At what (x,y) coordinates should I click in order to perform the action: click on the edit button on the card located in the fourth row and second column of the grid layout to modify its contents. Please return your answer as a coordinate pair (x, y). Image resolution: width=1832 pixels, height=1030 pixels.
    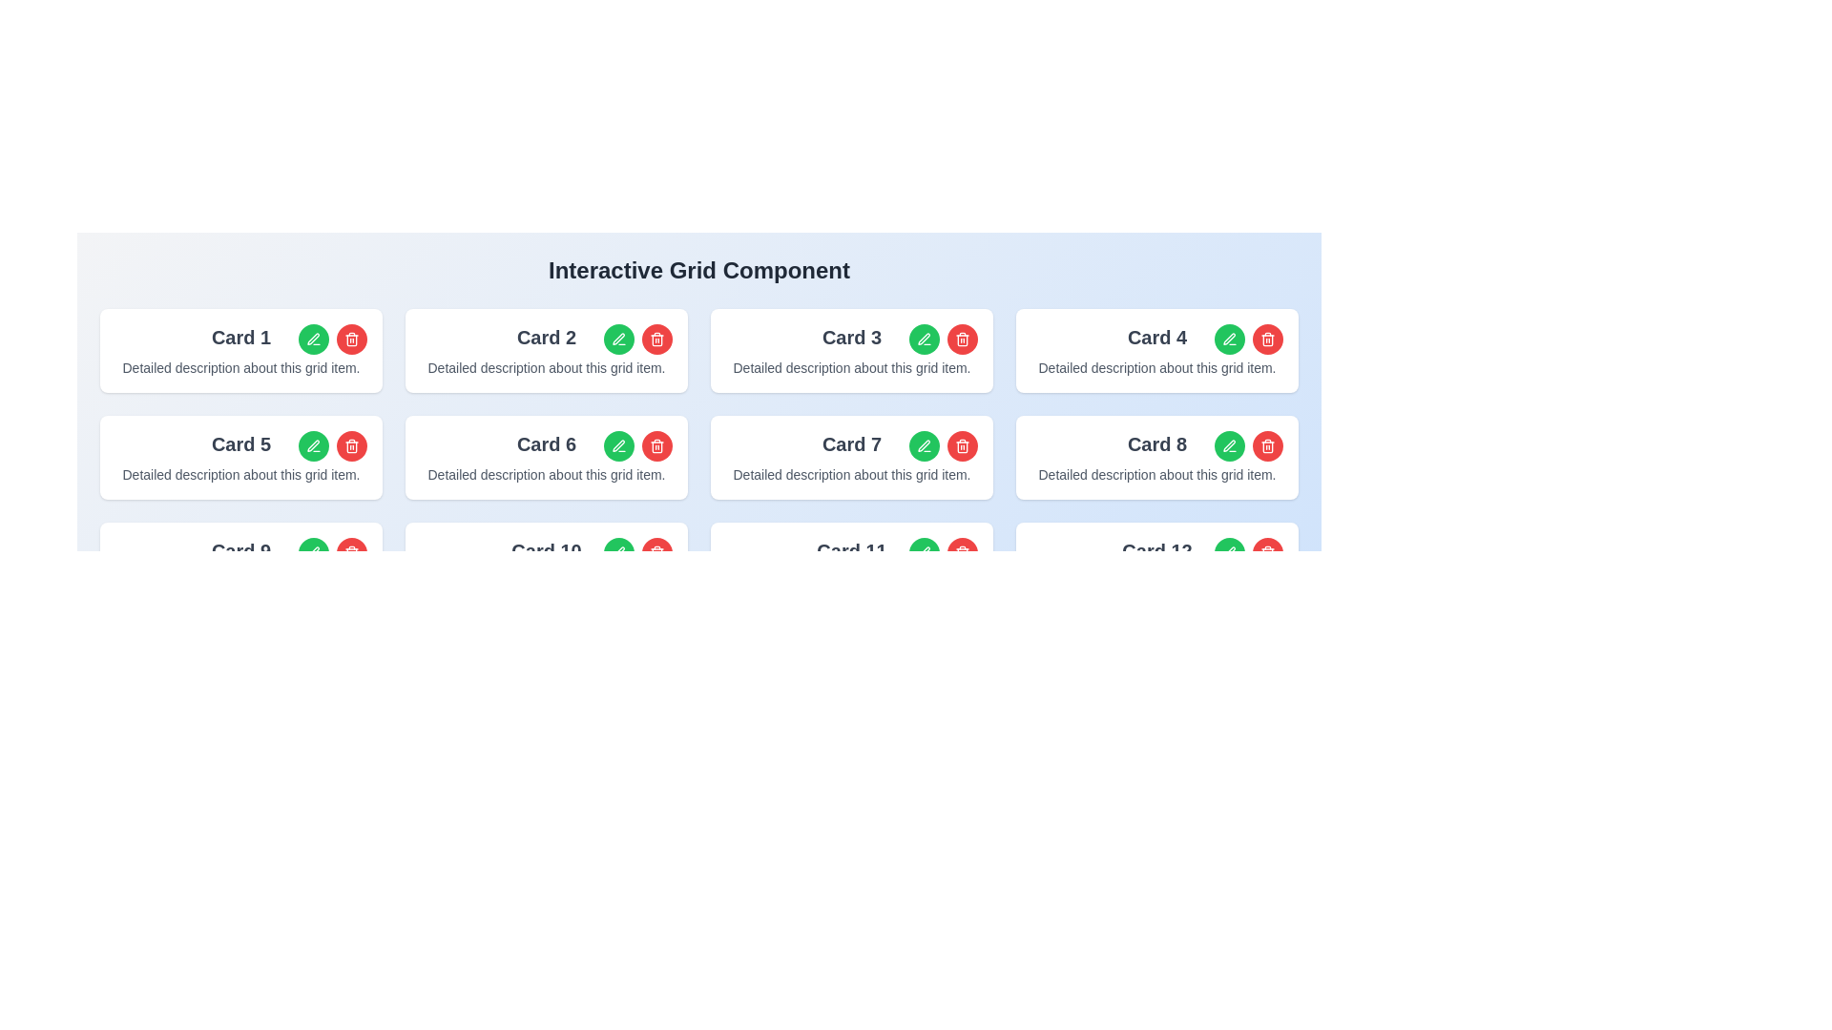
    Looking at the image, I should click on (545, 563).